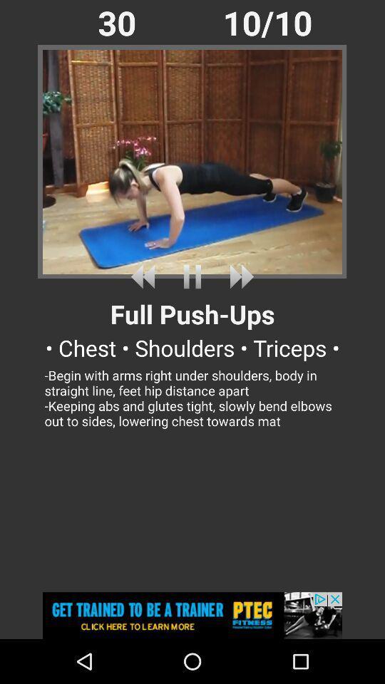 This screenshot has width=385, height=684. What do you see at coordinates (192, 615) in the screenshot?
I see `advertisements website` at bounding box center [192, 615].